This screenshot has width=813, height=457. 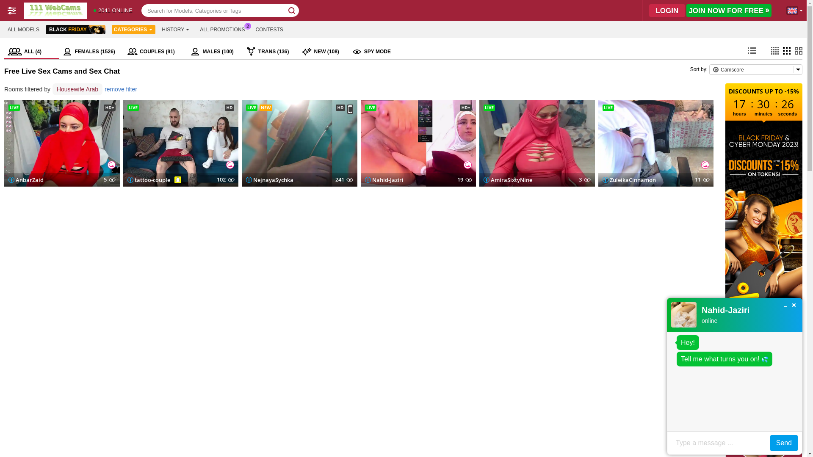 I want to click on 'NEW (108)', so click(x=298, y=52).